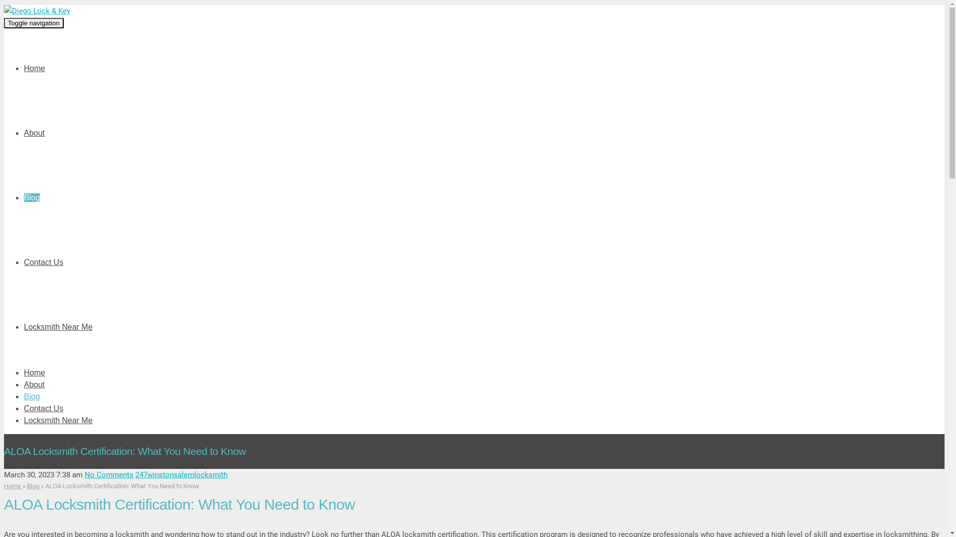 This screenshot has height=537, width=956. Describe the element at coordinates (31, 197) in the screenshot. I see `'Blog'` at that location.